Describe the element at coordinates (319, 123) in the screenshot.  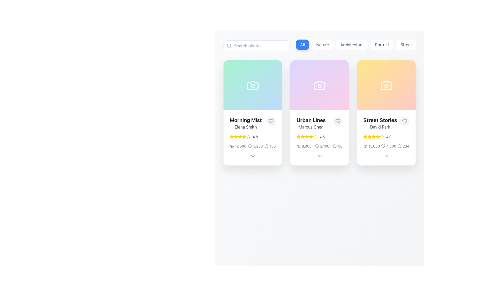
I see `text from the title and attribution text block located in the center card, directly under the camera icon` at that location.